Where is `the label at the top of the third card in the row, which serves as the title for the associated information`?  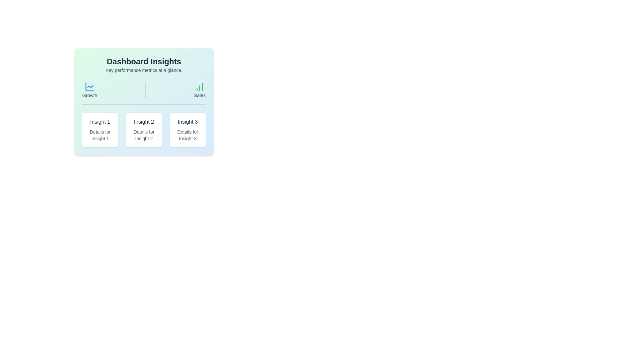
the label at the top of the third card in the row, which serves as the title for the associated information is located at coordinates (187, 122).